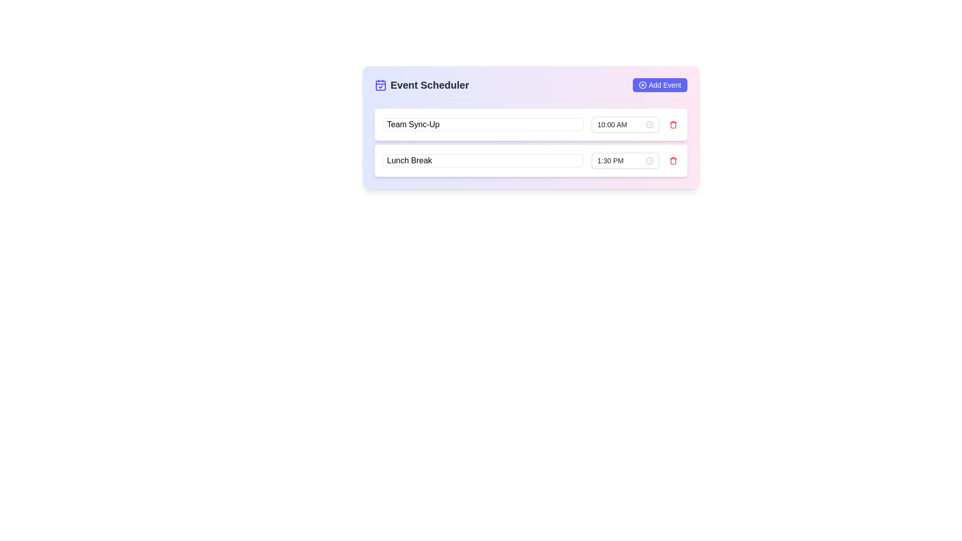  Describe the element at coordinates (642, 84) in the screenshot. I see `the 'Add Event' button located in the top-right corner of the Event Scheduler interface, which is visually identified by an icon/image preceding the textual label` at that location.